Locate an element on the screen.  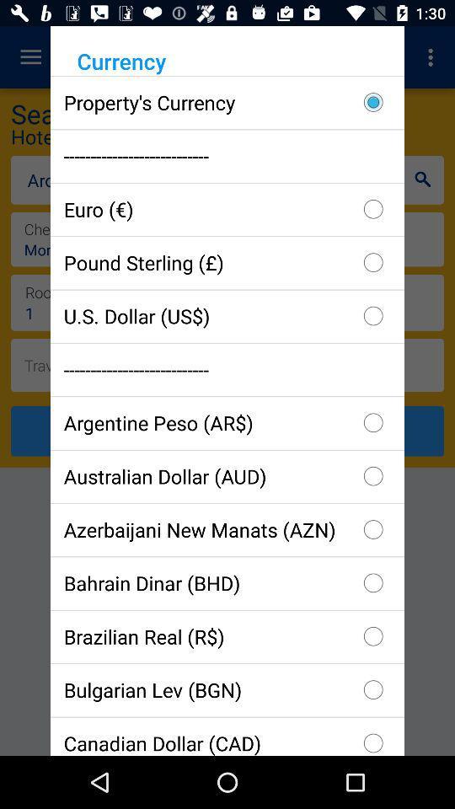
the icon below the bahrain dinar (bhd) item is located at coordinates (227, 635).